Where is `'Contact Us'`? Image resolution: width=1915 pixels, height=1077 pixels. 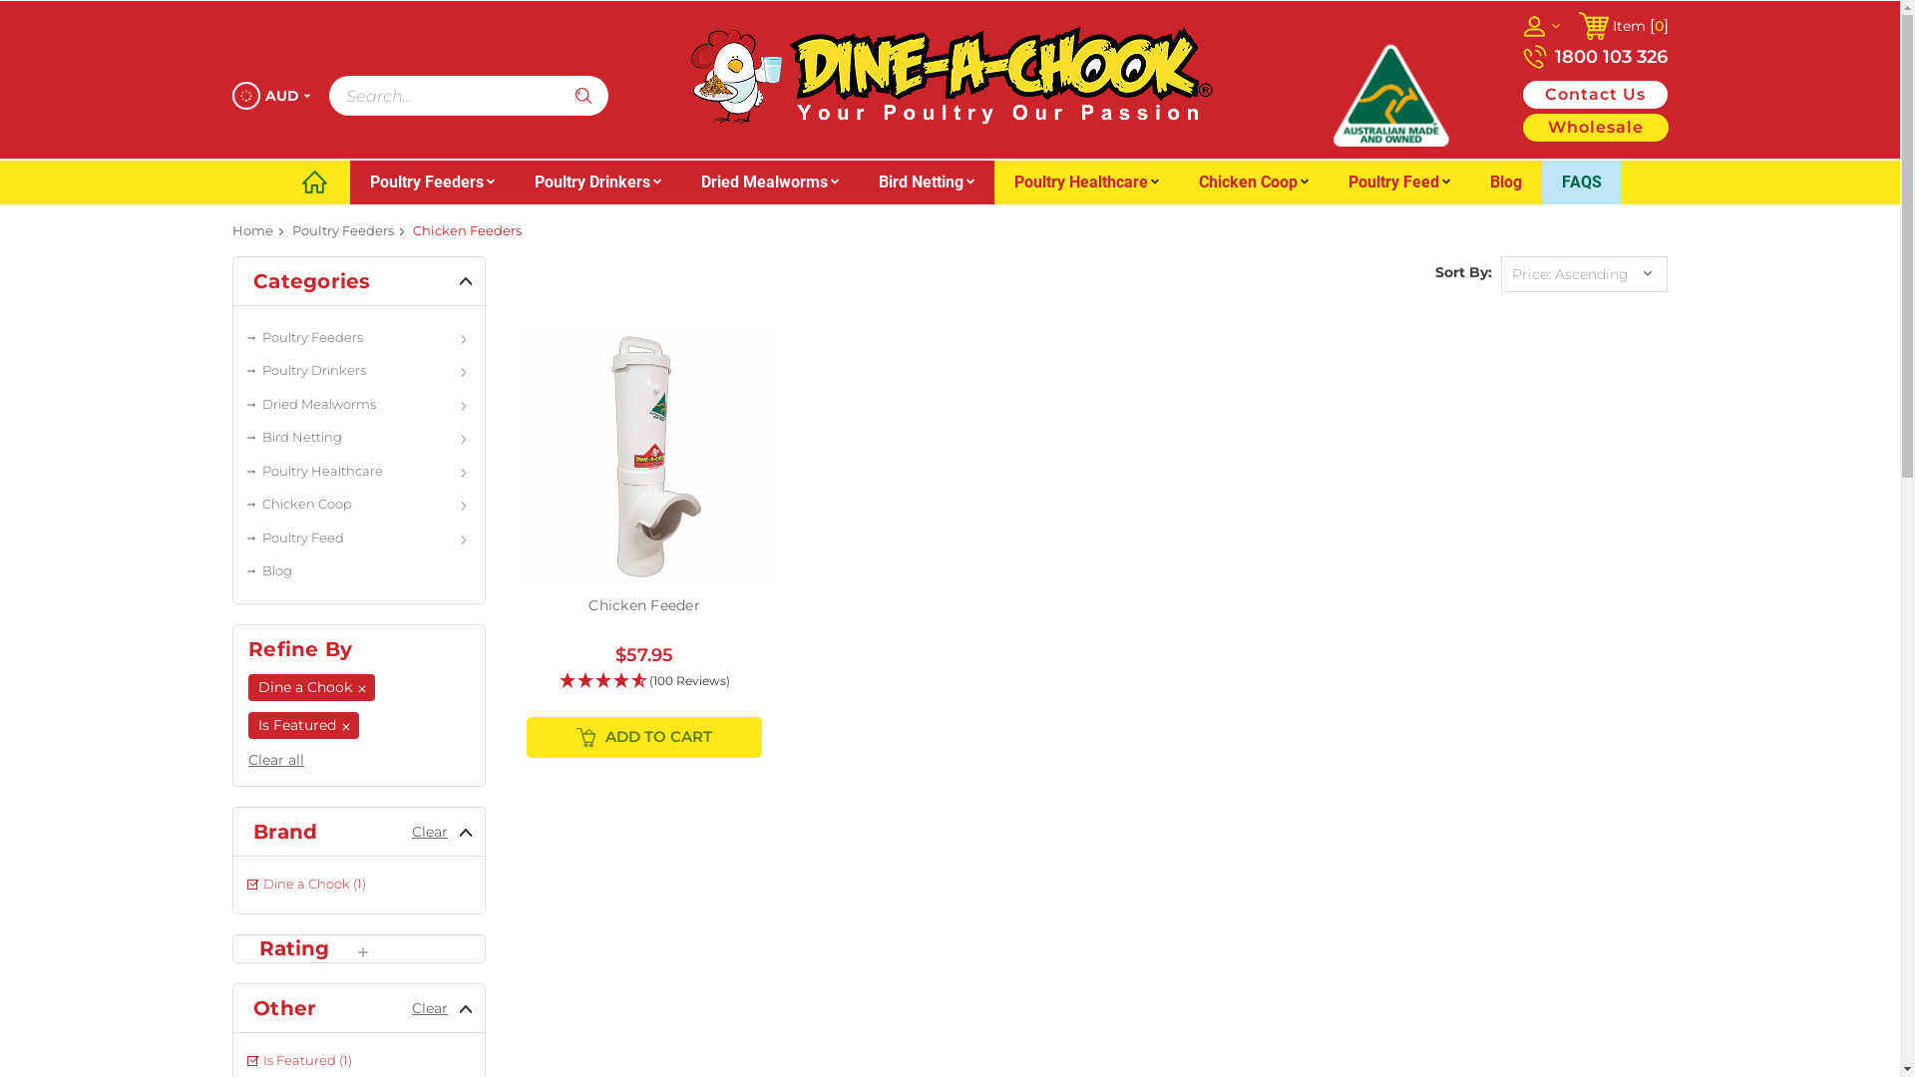 'Contact Us' is located at coordinates (1593, 95).